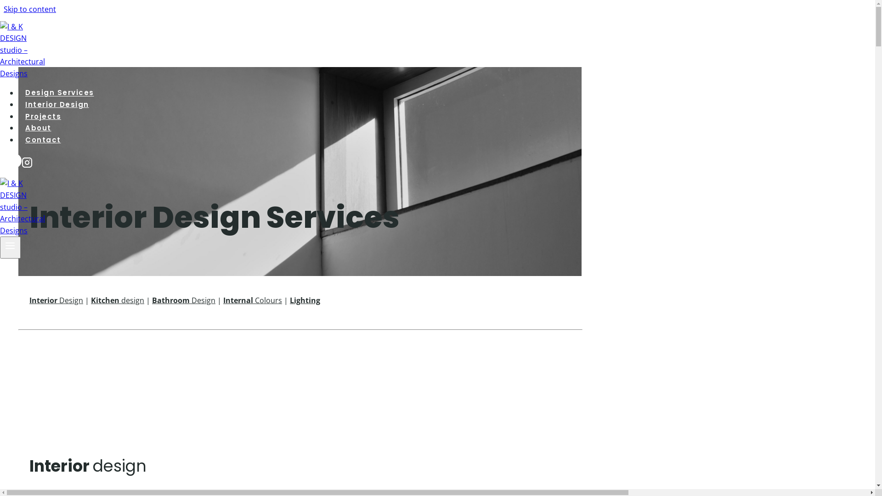 The height and width of the screenshot is (496, 882). What do you see at coordinates (10, 247) in the screenshot?
I see `'Toggle Menu'` at bounding box center [10, 247].